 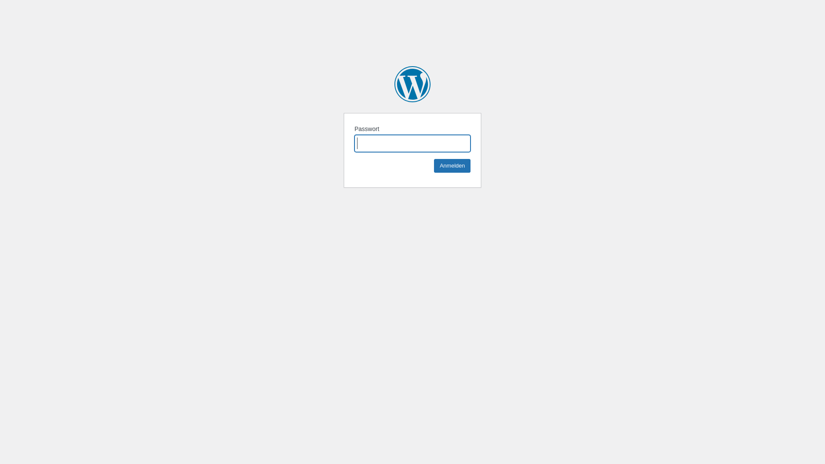 I want to click on 'Anmelden', so click(x=452, y=165).